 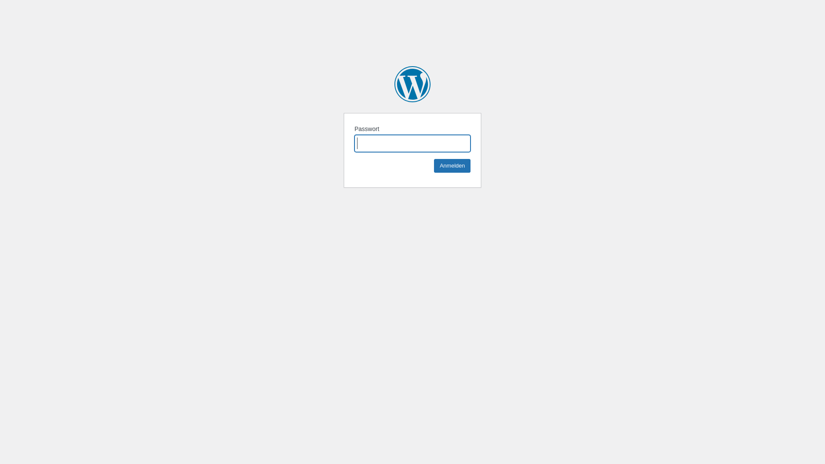 I want to click on 'Anmelden', so click(x=452, y=165).